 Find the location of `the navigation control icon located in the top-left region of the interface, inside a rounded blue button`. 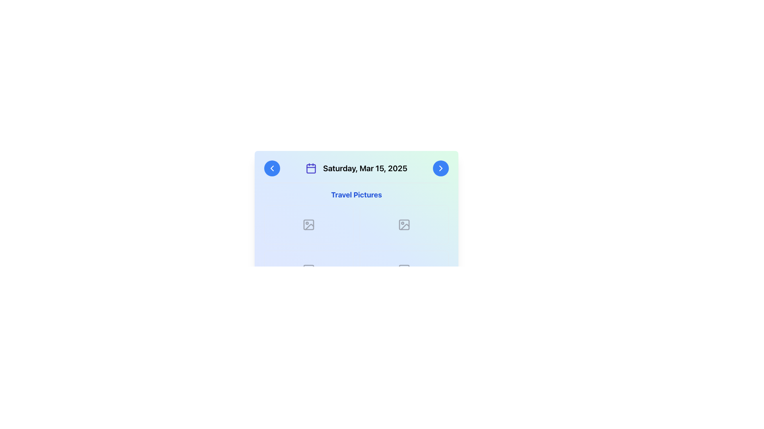

the navigation control icon located in the top-left region of the interface, inside a rounded blue button is located at coordinates (272, 168).